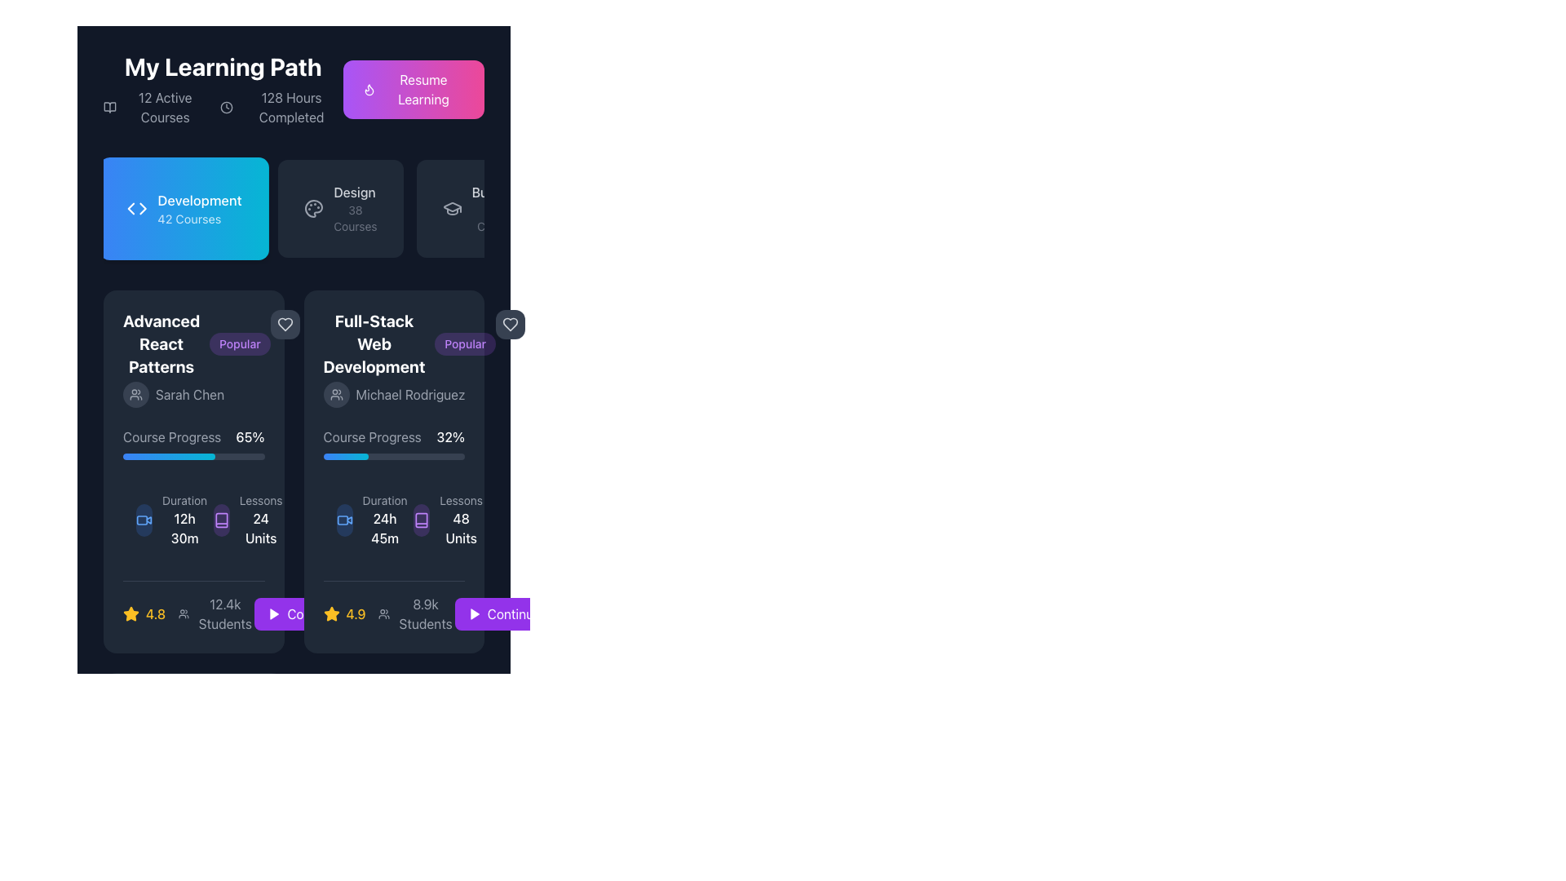 The image size is (1566, 881). What do you see at coordinates (144, 520) in the screenshot?
I see `the blue camera icon located in the left portion of the 'Advanced React Patterns' course card, specifically in the 'Duration' section next to the text '12h 30m'` at bounding box center [144, 520].